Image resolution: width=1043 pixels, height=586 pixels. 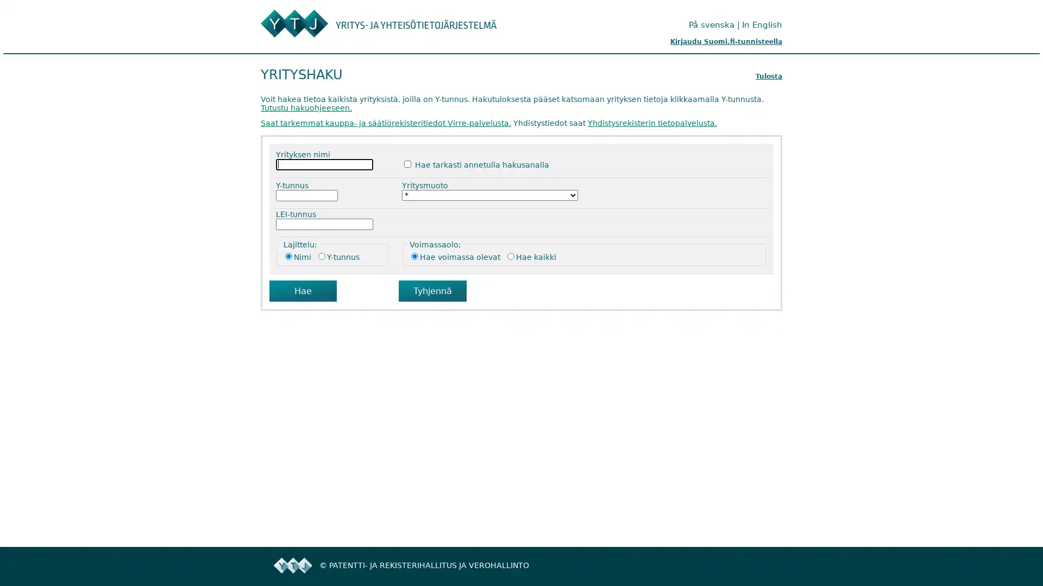 What do you see at coordinates (303, 290) in the screenshot?
I see `Hae` at bounding box center [303, 290].